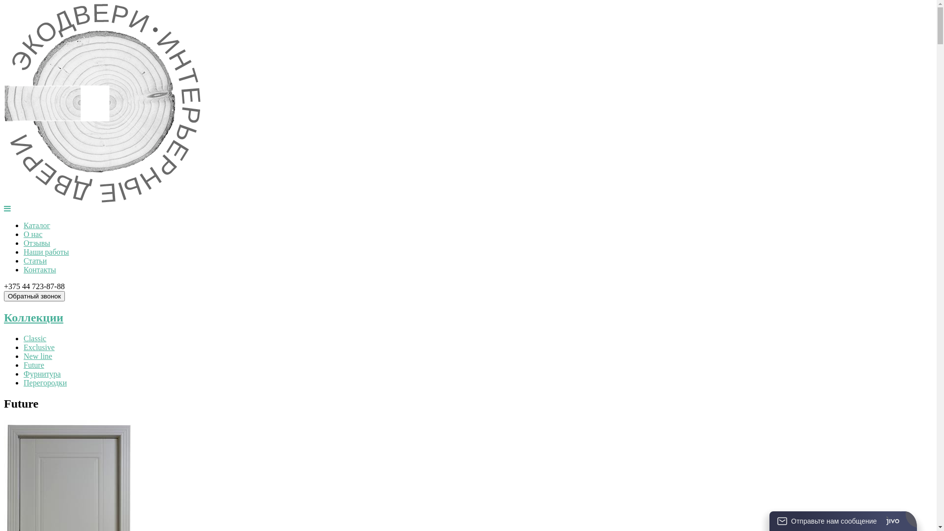 The height and width of the screenshot is (531, 944). I want to click on 'Future', so click(24, 365).